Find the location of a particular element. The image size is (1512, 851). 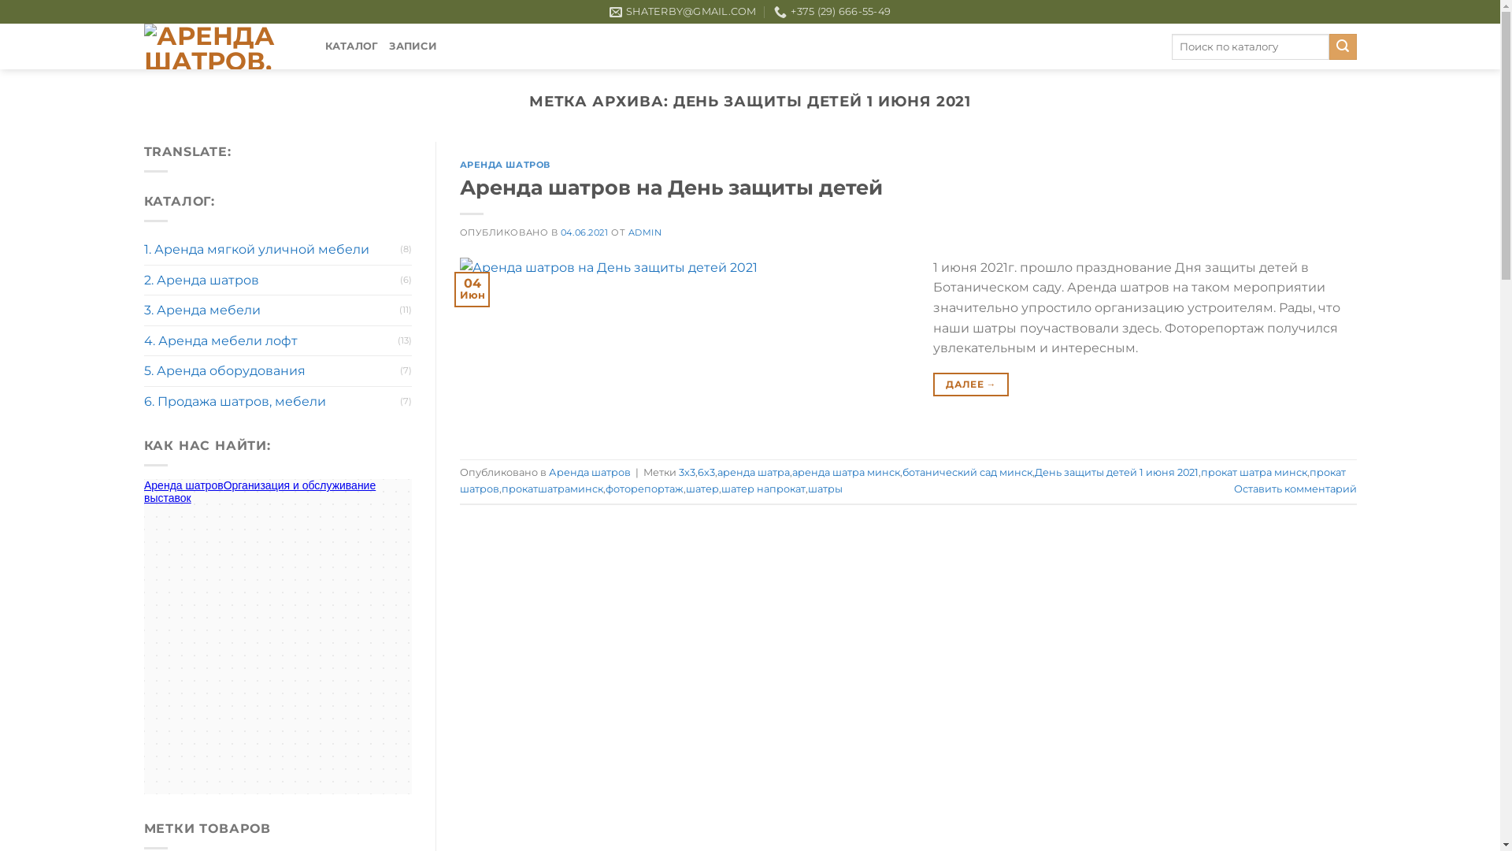

'SHATERBY@GMAIL.COM' is located at coordinates (683, 12).